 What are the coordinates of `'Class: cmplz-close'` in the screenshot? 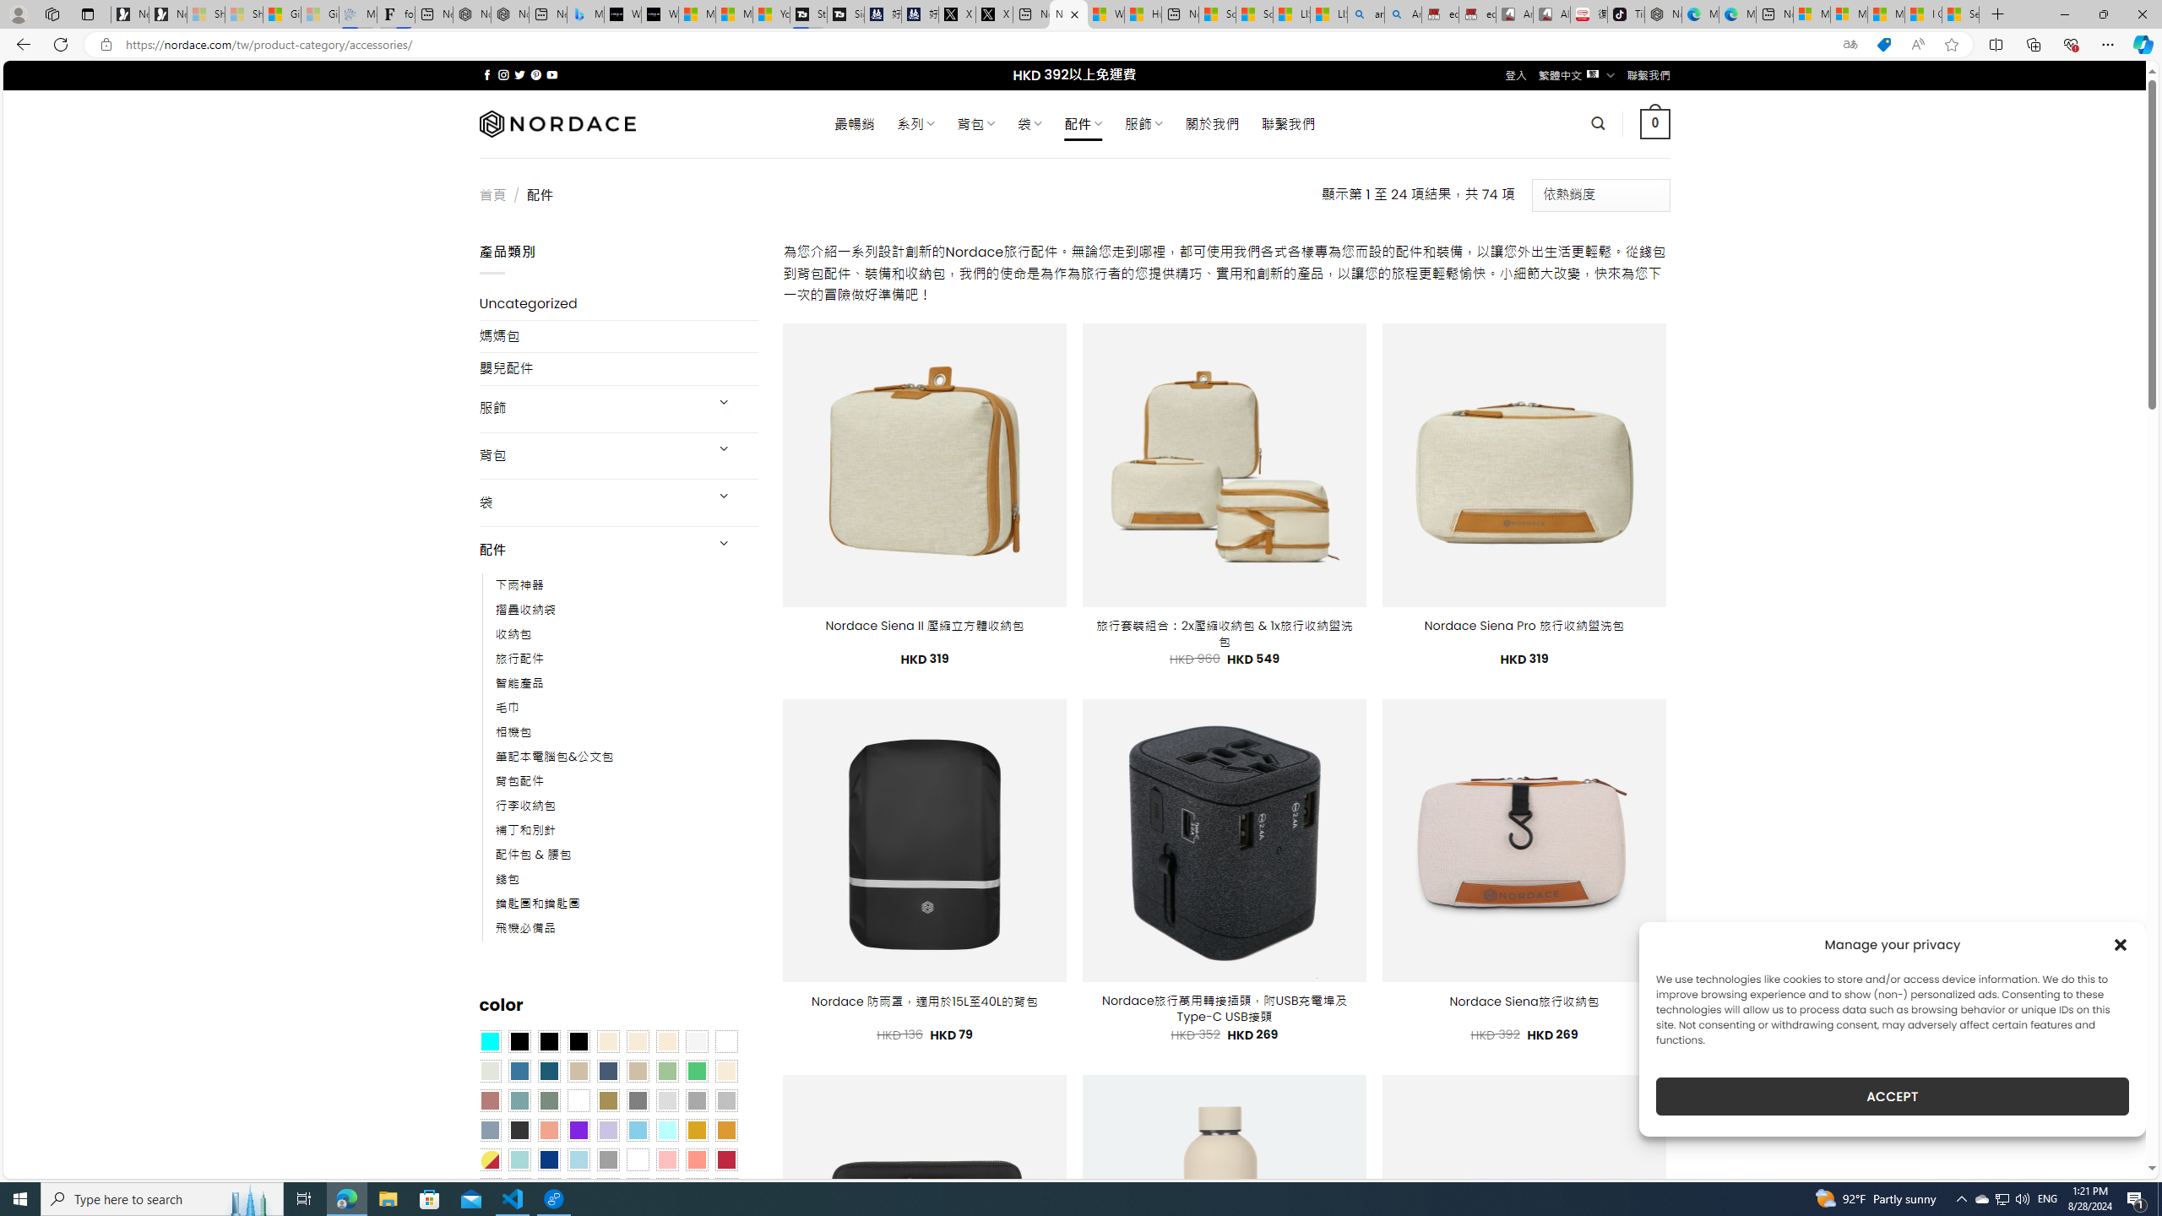 It's located at (2121, 944).